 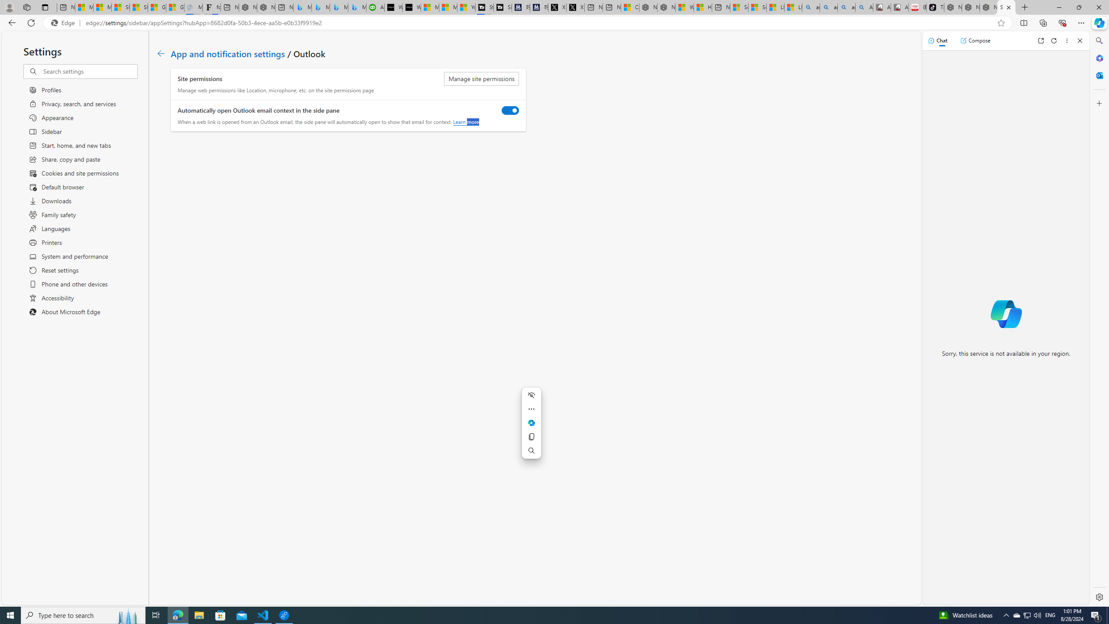 I want to click on 'Ask Copilot', so click(x=532, y=423).